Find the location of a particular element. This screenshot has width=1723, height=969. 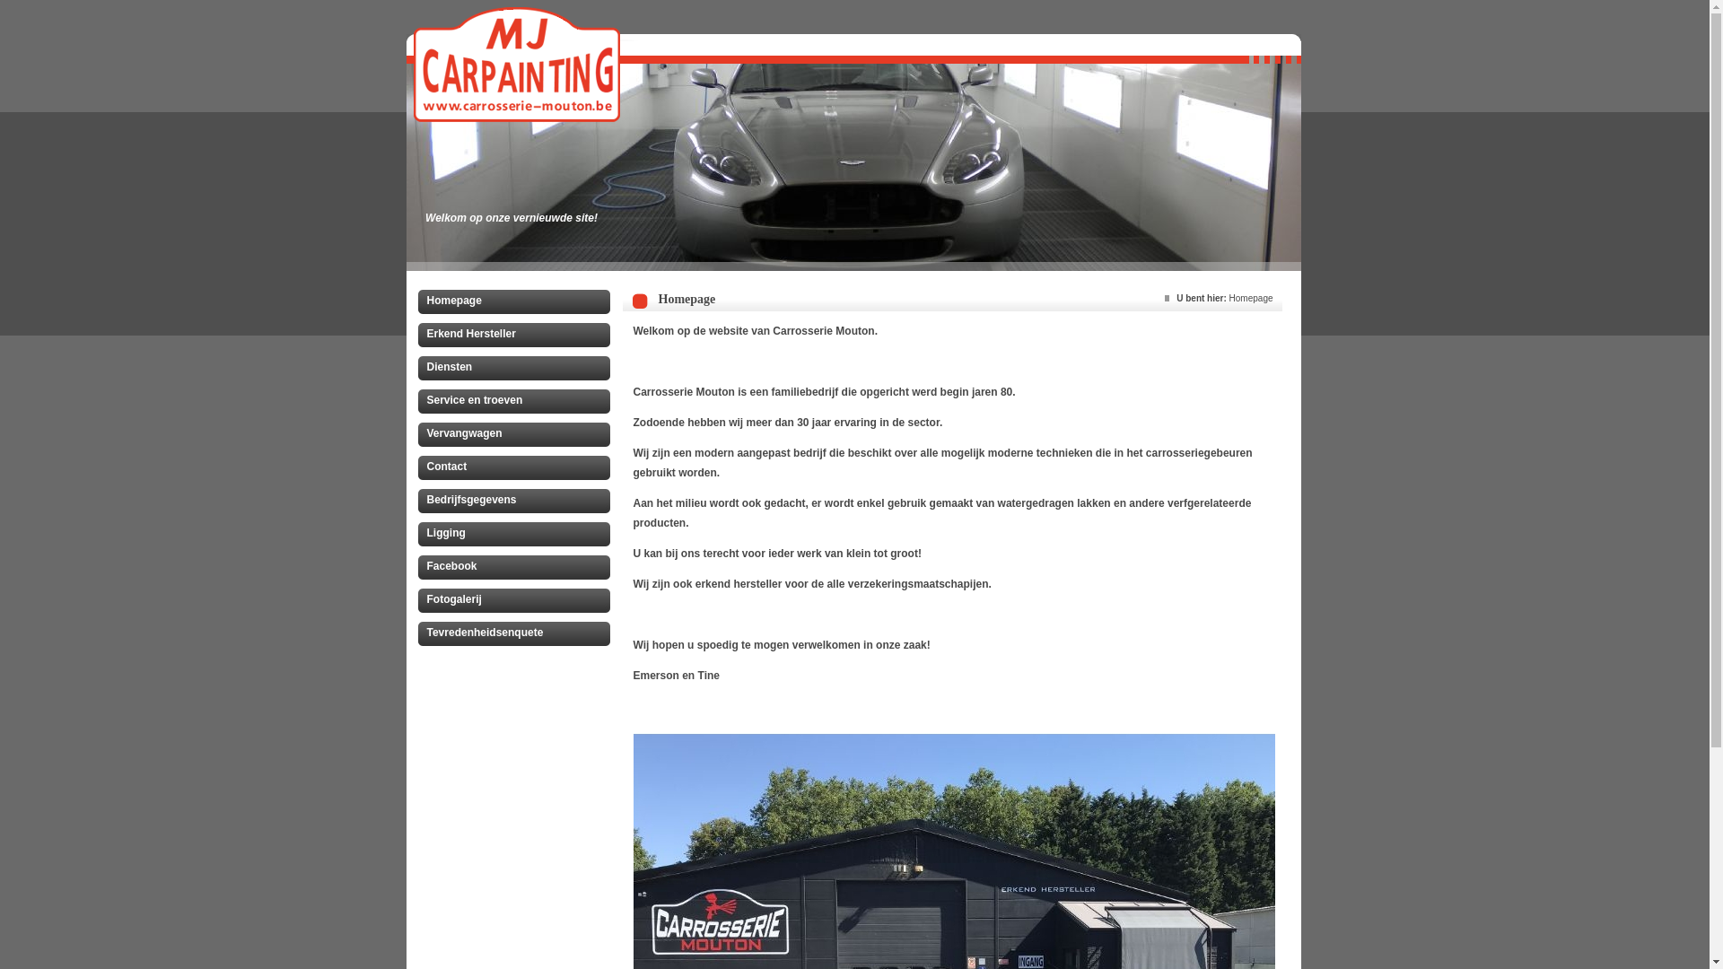

'Fotogalerij' is located at coordinates (517, 602).